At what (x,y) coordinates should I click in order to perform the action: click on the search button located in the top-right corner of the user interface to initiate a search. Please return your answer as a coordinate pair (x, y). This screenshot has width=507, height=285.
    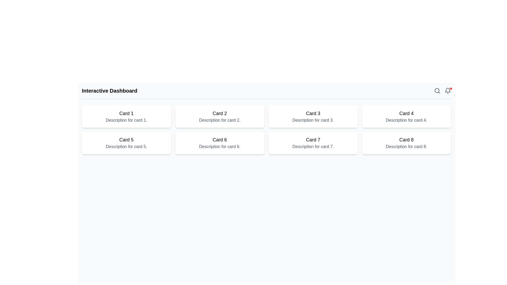
    Looking at the image, I should click on (437, 90).